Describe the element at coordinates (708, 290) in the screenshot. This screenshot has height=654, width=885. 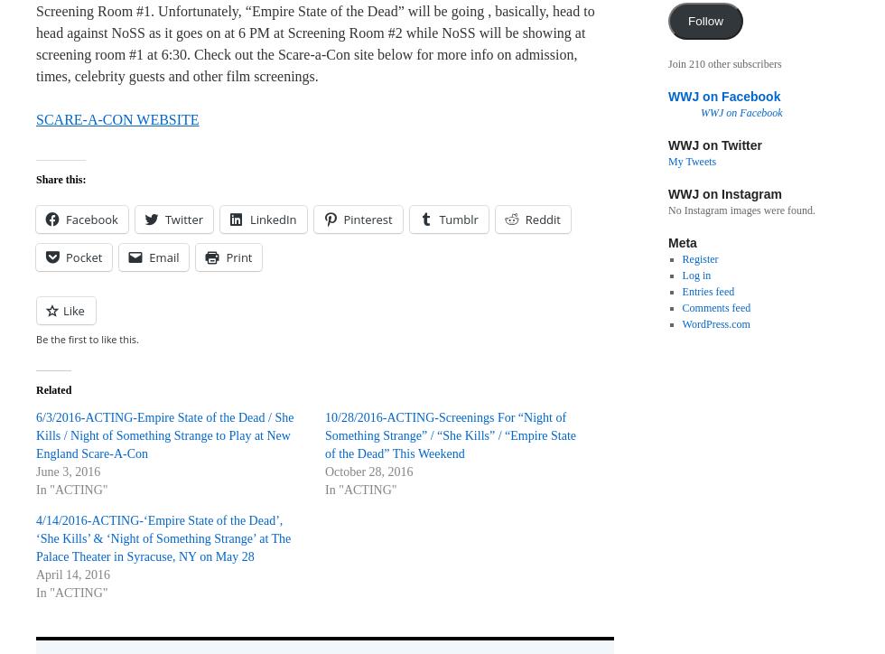
I see `'Entries feed'` at that location.